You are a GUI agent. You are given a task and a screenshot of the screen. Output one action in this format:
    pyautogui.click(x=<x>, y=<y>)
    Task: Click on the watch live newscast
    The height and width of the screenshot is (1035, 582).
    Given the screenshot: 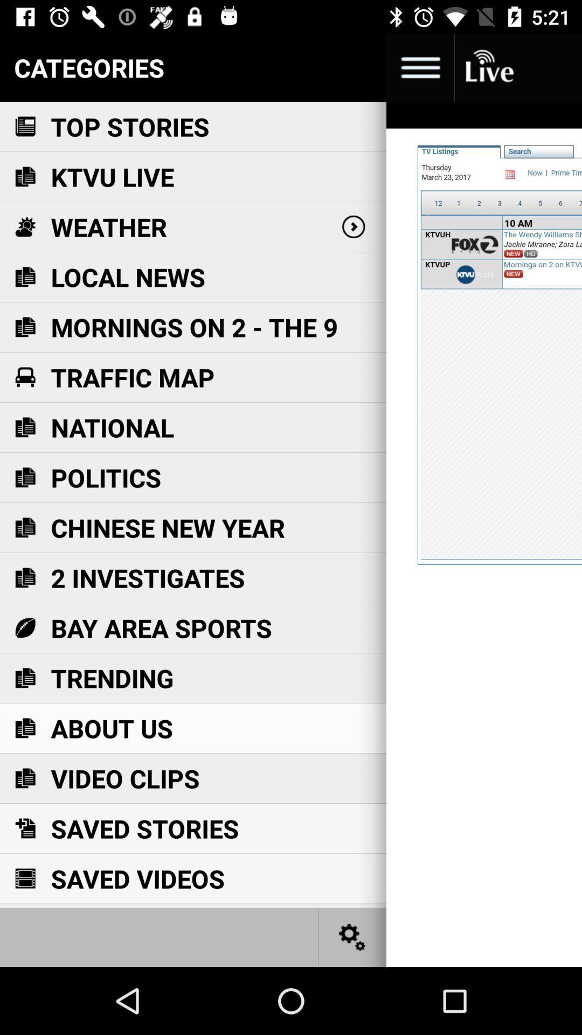 What is the action you would take?
    pyautogui.click(x=488, y=67)
    